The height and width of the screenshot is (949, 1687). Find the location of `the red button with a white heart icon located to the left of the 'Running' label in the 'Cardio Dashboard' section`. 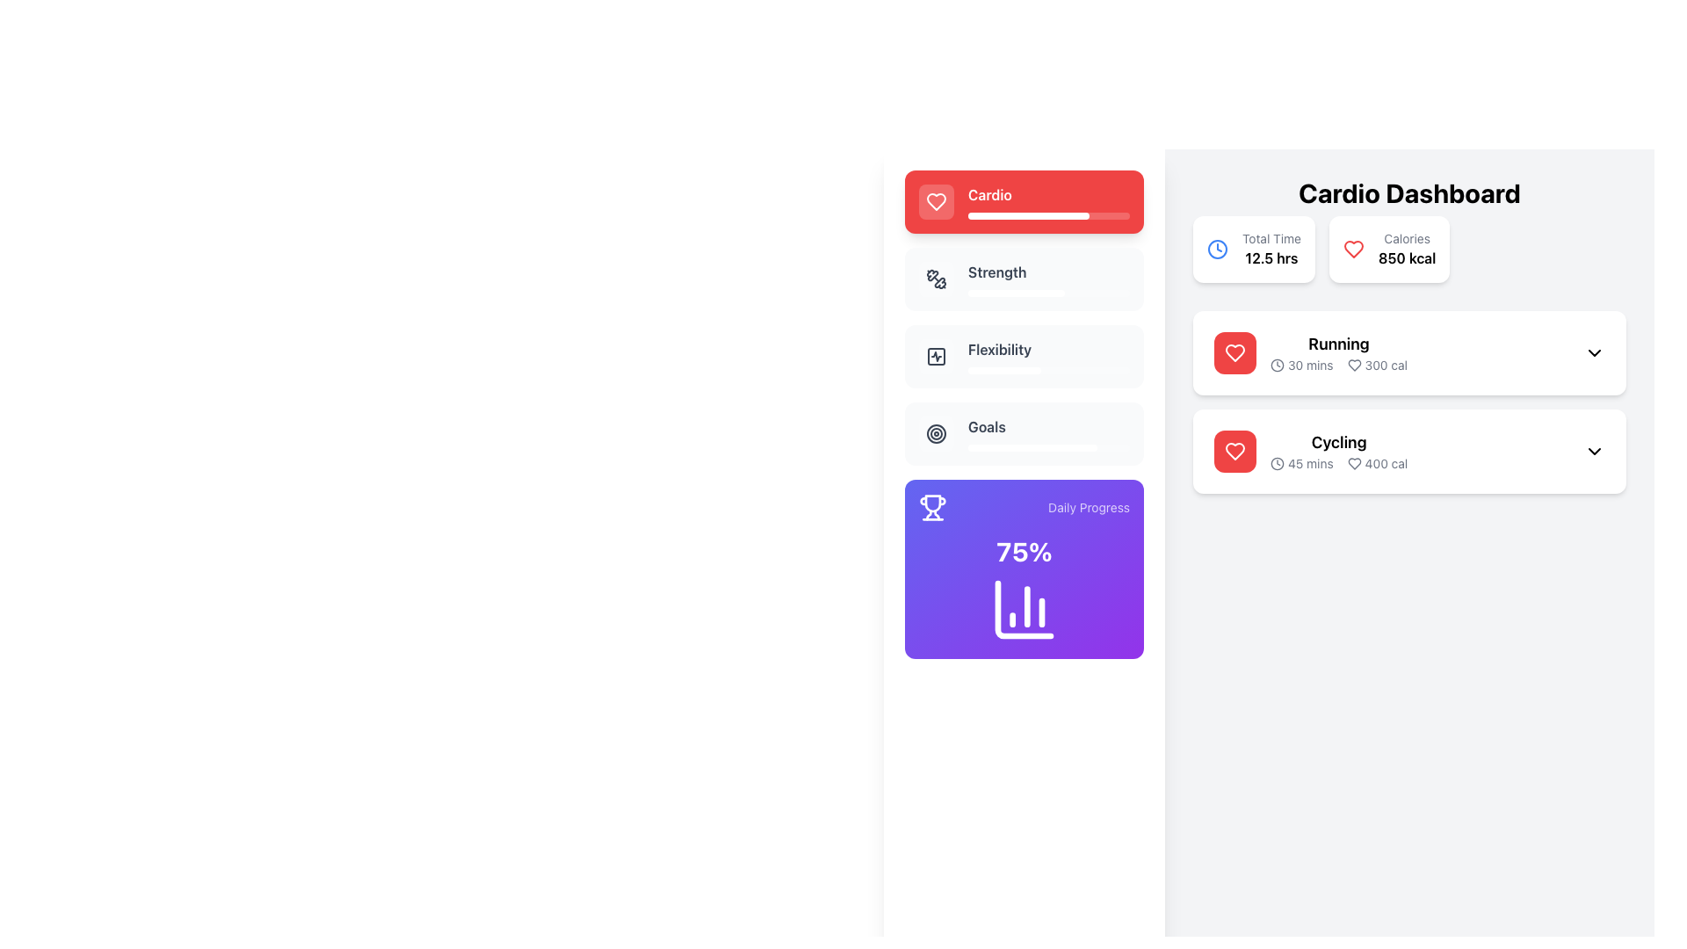

the red button with a white heart icon located to the left of the 'Running' label in the 'Cardio Dashboard' section is located at coordinates (1234, 352).